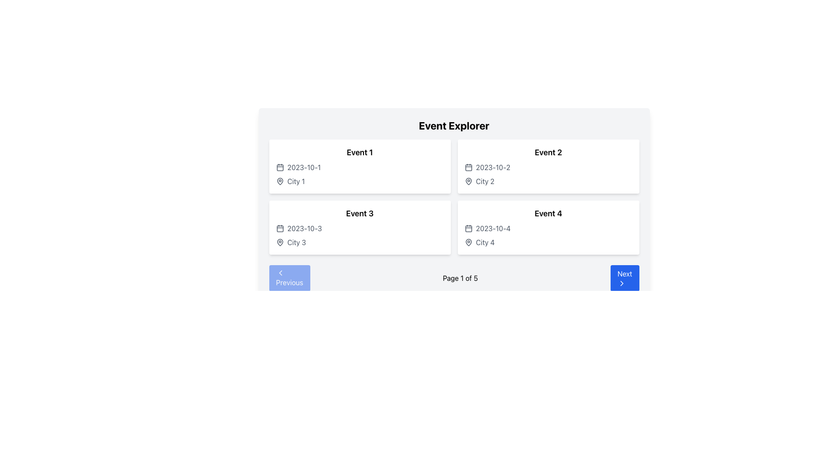 This screenshot has width=838, height=471. What do you see at coordinates (280, 181) in the screenshot?
I see `the pin-shaped location marker icon located in the 'Event 1' section of the interface for accessibility` at bounding box center [280, 181].